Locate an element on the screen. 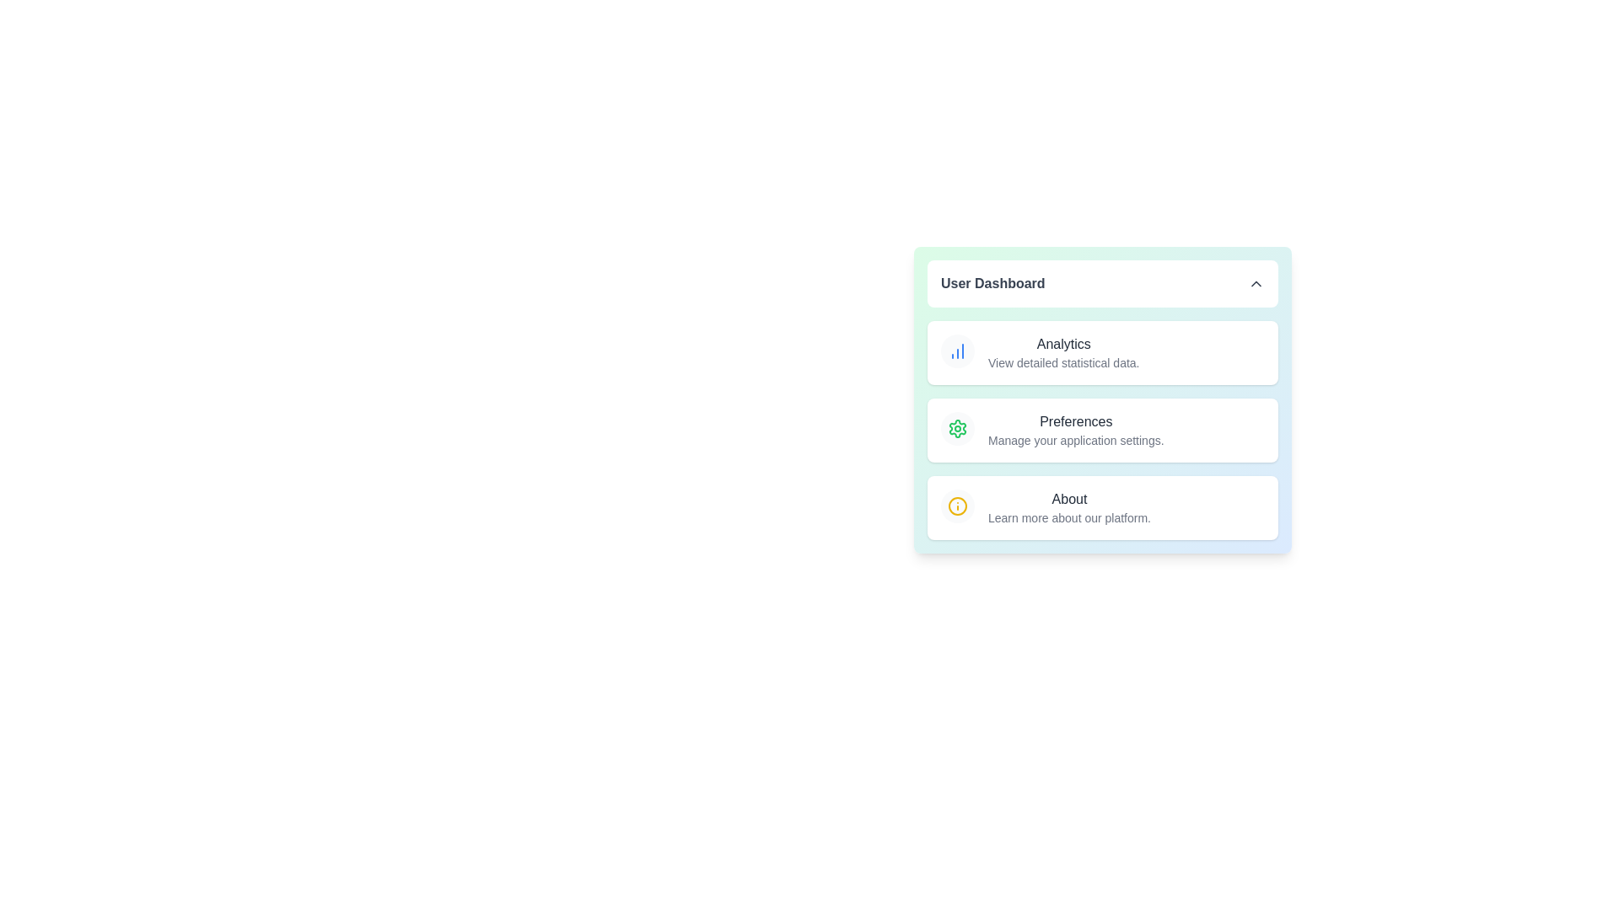 The width and height of the screenshot is (1619, 910). the menu item Preferences is located at coordinates (1103, 429).